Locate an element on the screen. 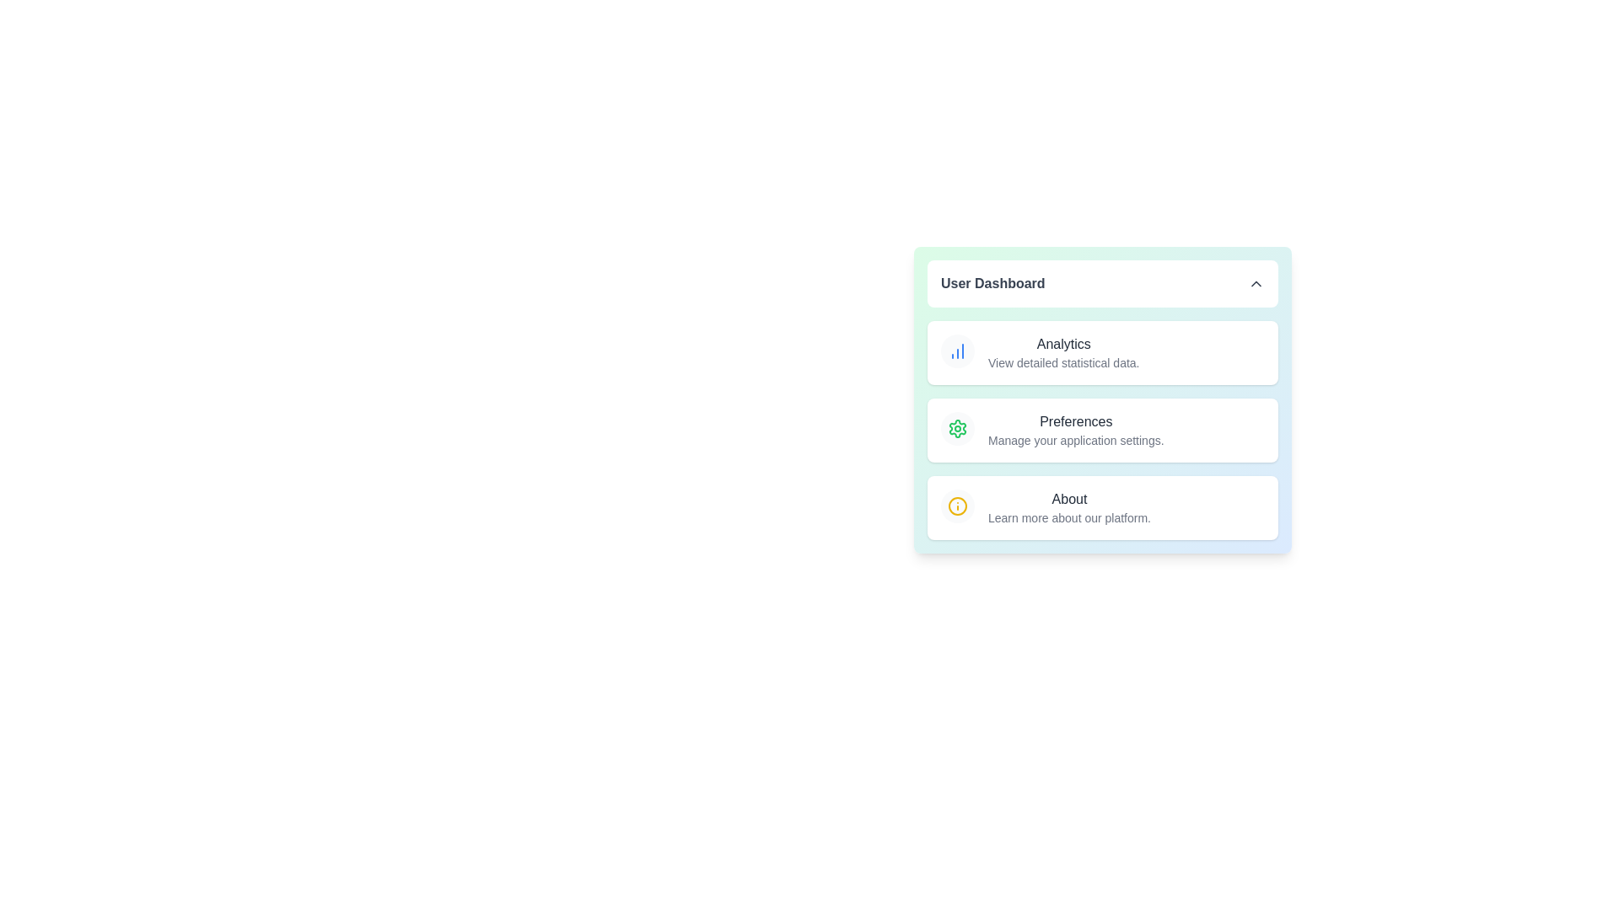 The width and height of the screenshot is (1619, 910). the menu item Preferences is located at coordinates (1103, 429).